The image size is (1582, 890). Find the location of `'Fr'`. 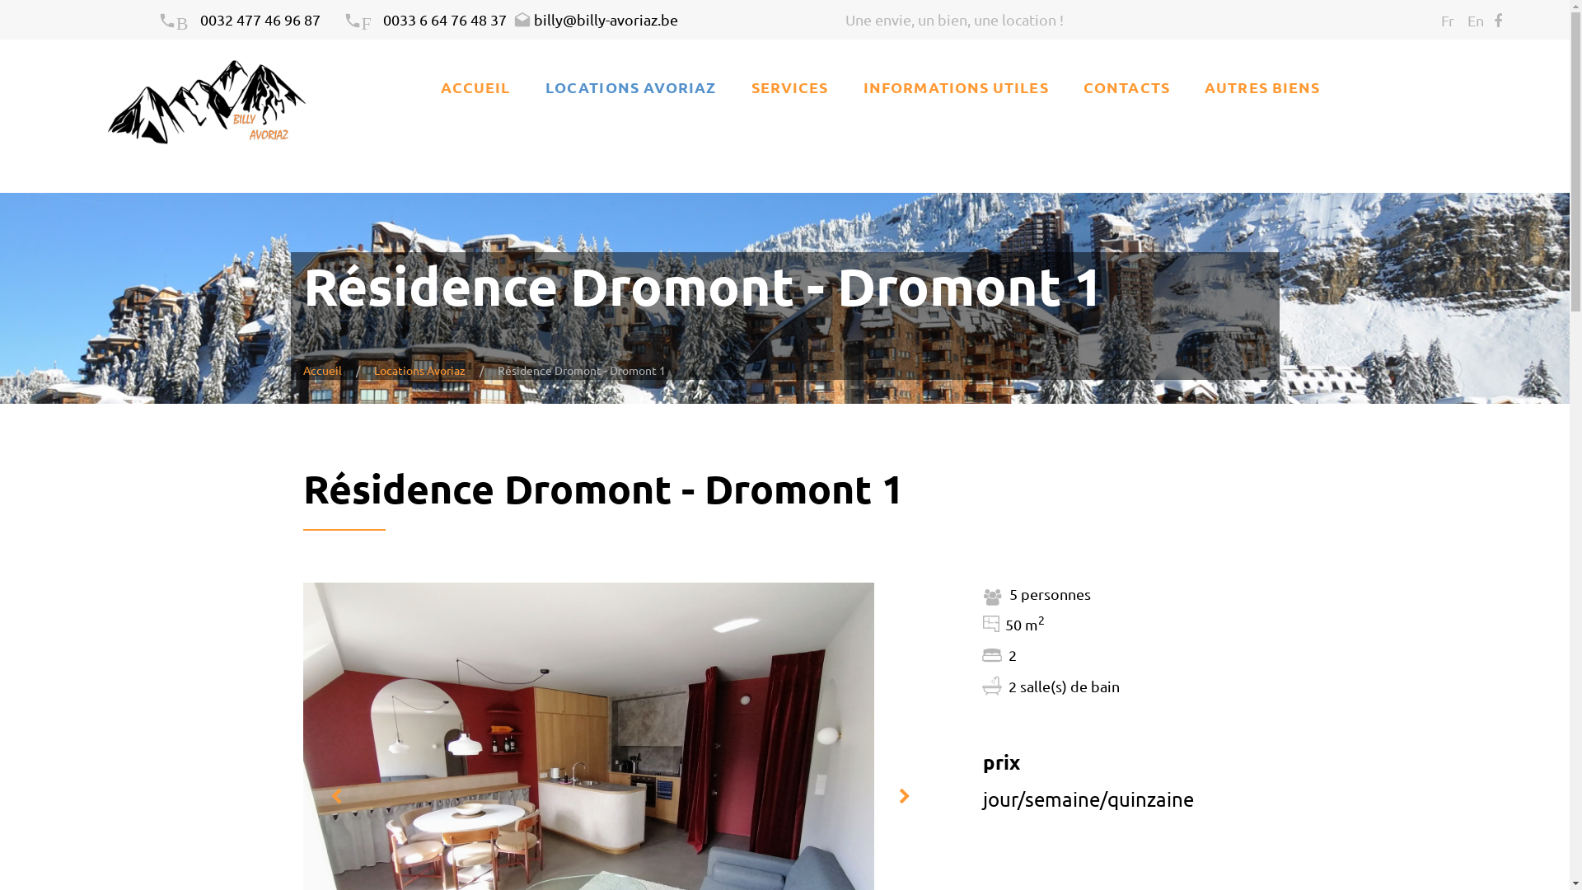

'Fr' is located at coordinates (1446, 20).